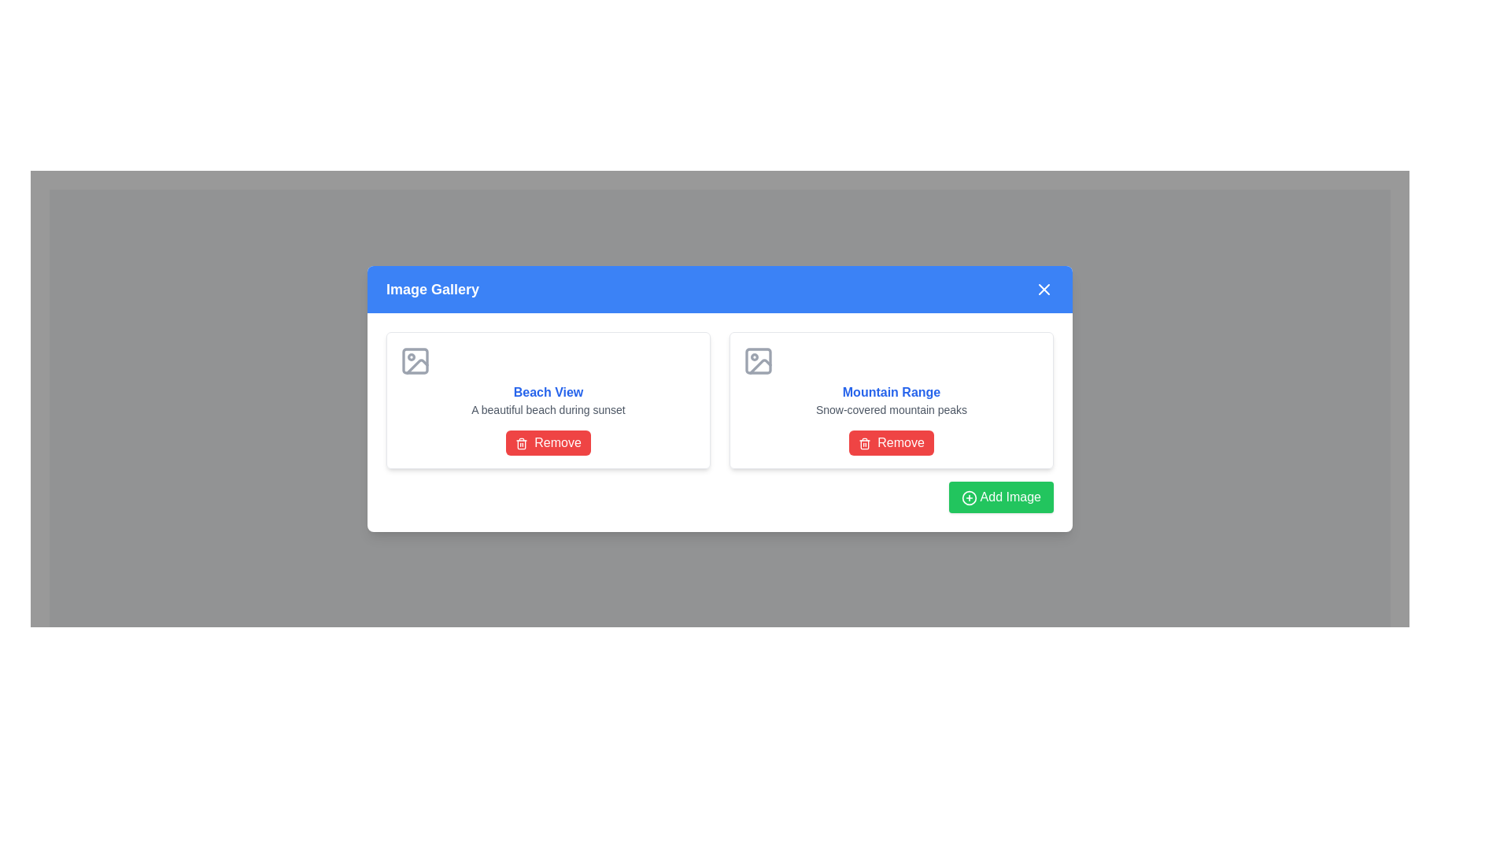  I want to click on the text label or heading located at the top-left of the blue header bar of the modal dialog, which serves as a title or identifier for the modal content, so click(433, 289).